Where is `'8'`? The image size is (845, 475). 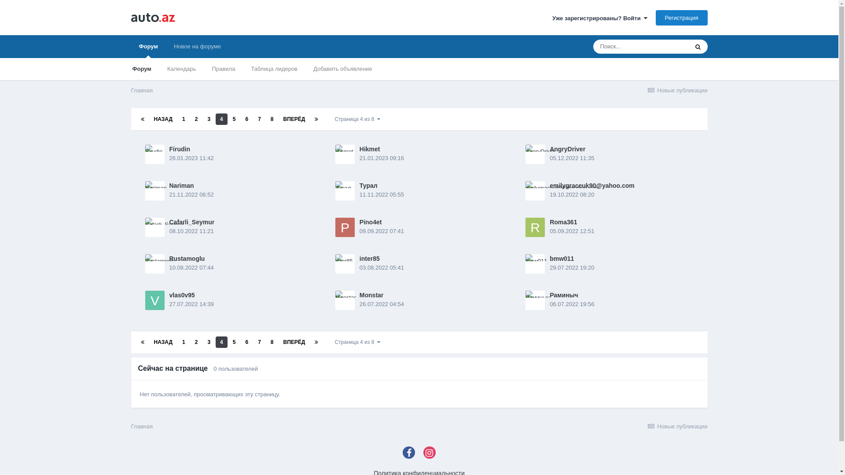
'8' is located at coordinates (265, 119).